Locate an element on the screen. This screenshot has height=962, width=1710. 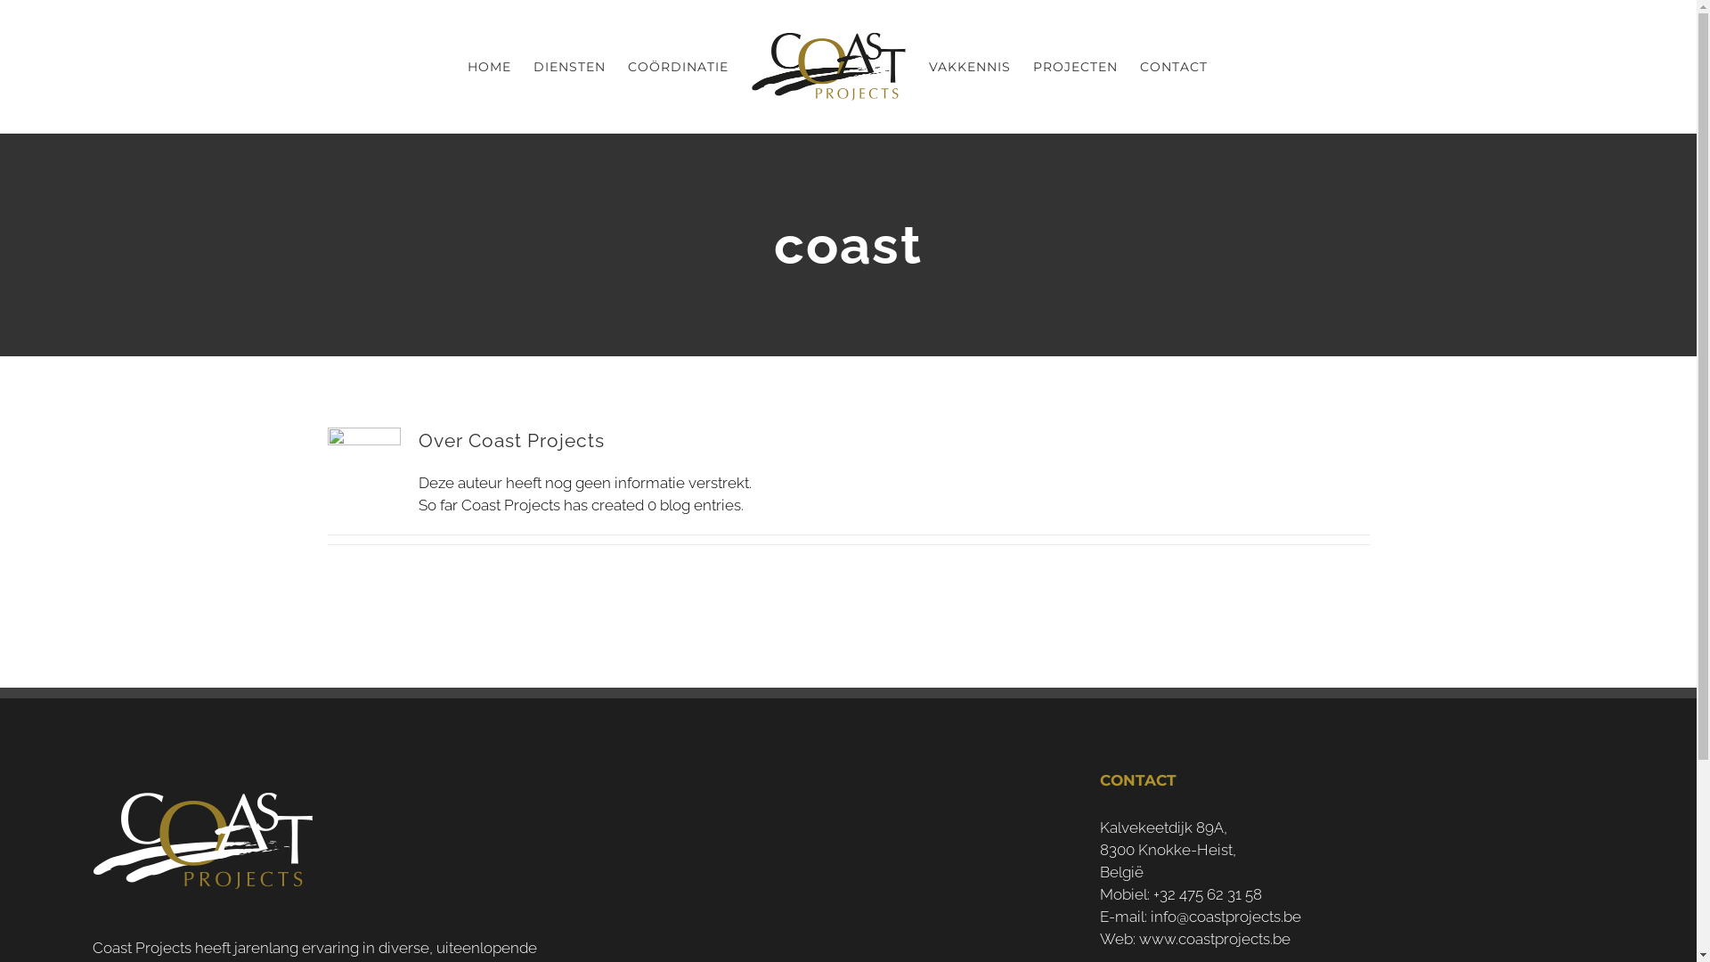
'+32 475 62 31 58' is located at coordinates (1208, 893).